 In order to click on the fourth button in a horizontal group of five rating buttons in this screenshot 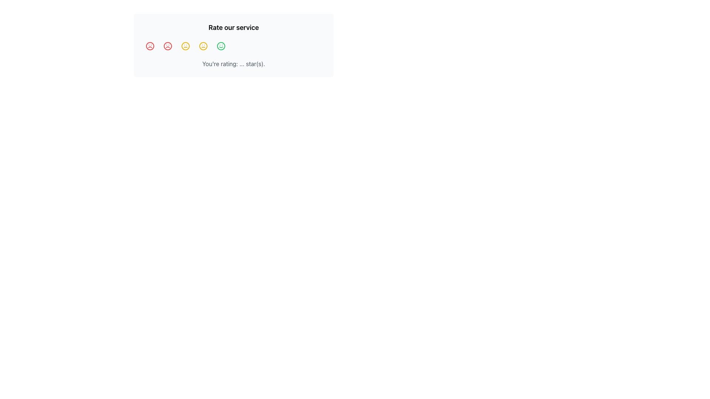, I will do `click(203, 46)`.